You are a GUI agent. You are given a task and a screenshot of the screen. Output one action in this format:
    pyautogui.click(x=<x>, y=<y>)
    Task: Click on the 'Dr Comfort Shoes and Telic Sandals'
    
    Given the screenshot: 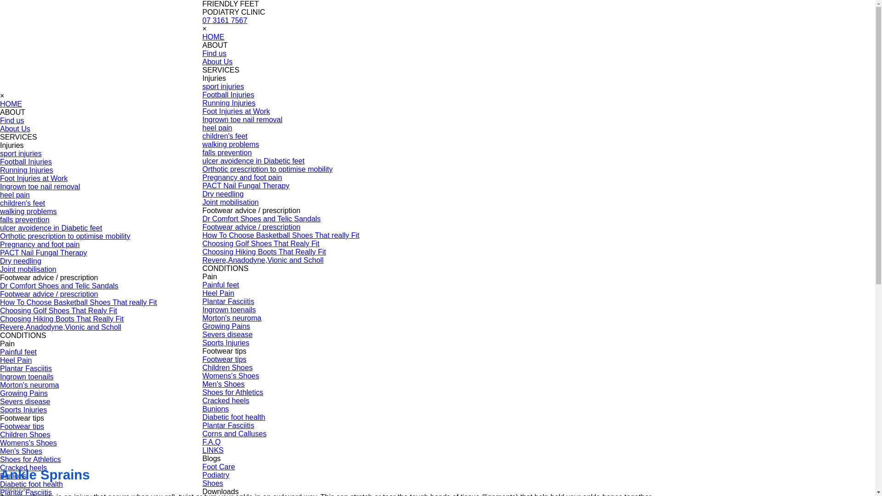 What is the action you would take?
    pyautogui.click(x=59, y=285)
    